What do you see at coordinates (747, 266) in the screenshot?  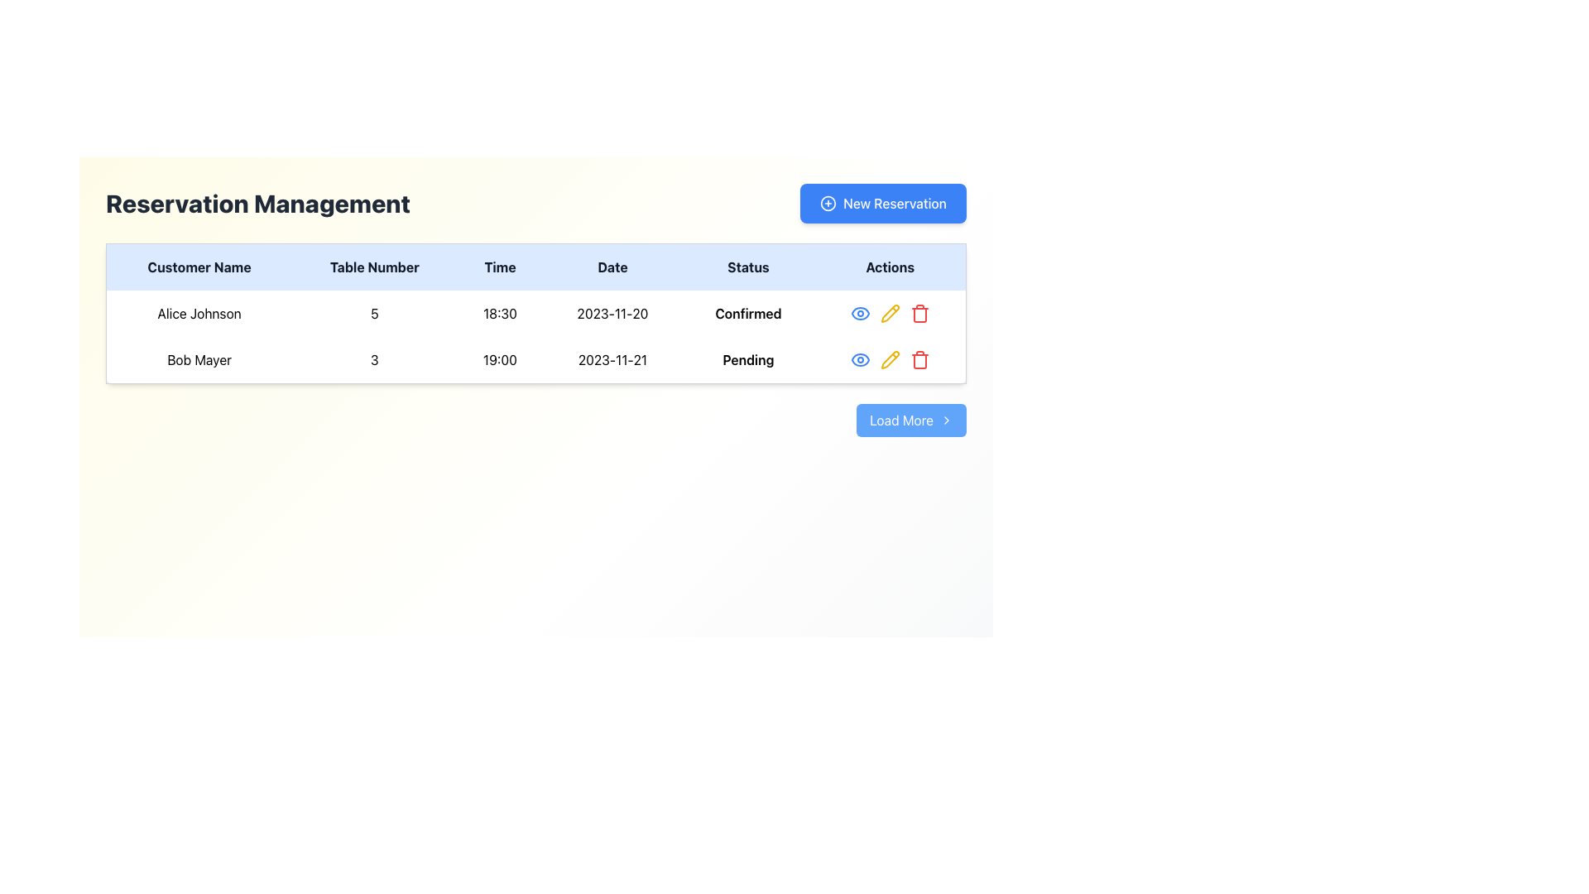 I see `the 'Status' text label, which is the fifth column header in the table, displayed in bold black font on a light blue background` at bounding box center [747, 266].